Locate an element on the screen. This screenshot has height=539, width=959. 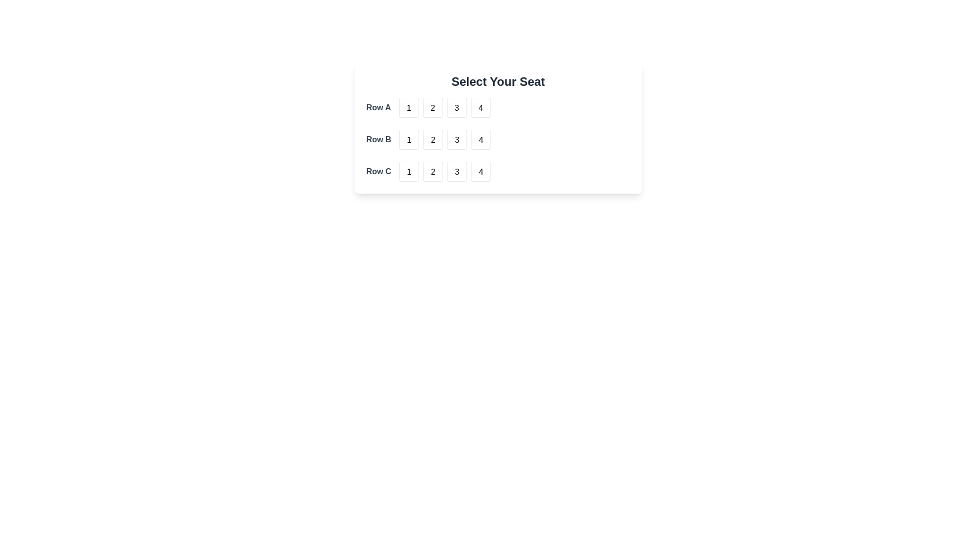
the square button with the number '2' in the center, located in 'Row B' between buttons '1' and '3' is located at coordinates (433, 140).